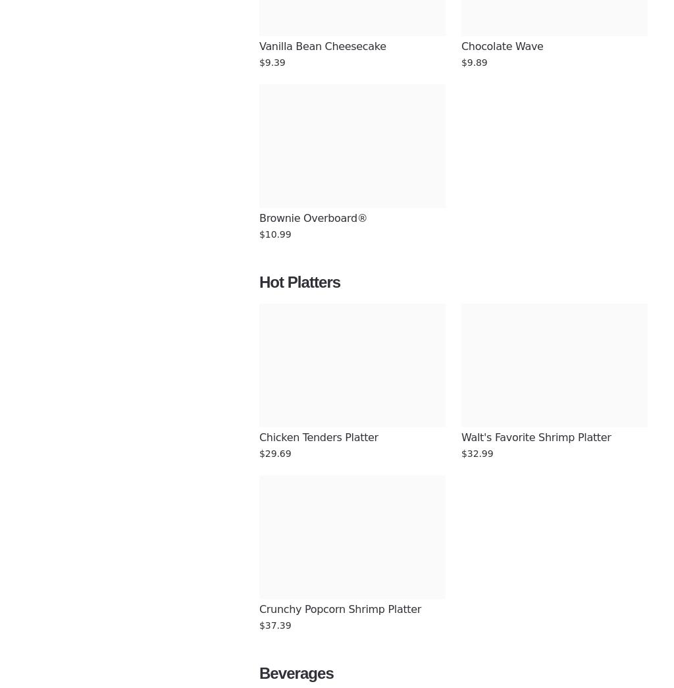  What do you see at coordinates (318, 437) in the screenshot?
I see `'Chicken Tenders Platter'` at bounding box center [318, 437].